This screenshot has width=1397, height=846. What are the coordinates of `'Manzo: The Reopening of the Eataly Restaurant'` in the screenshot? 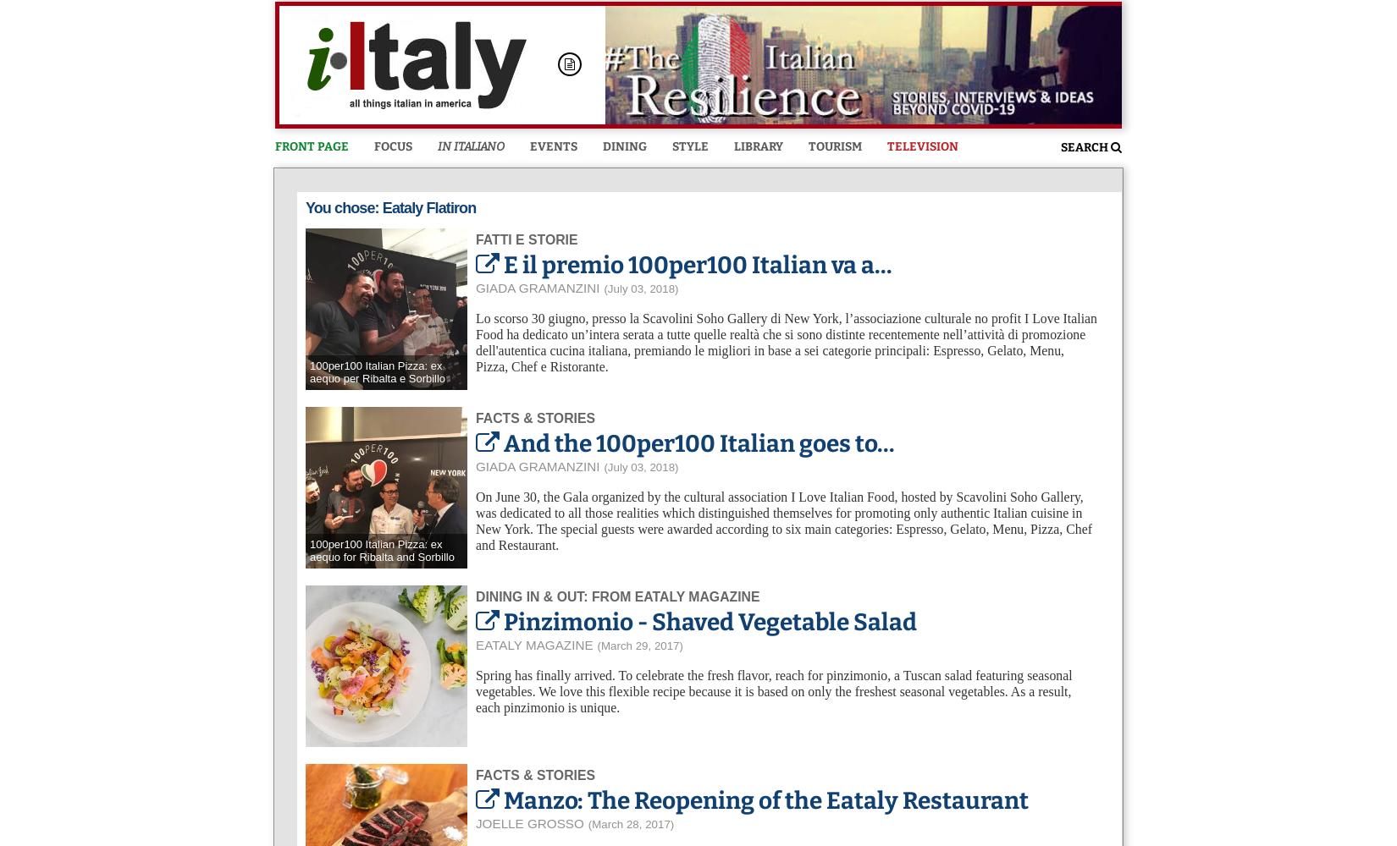 It's located at (502, 799).